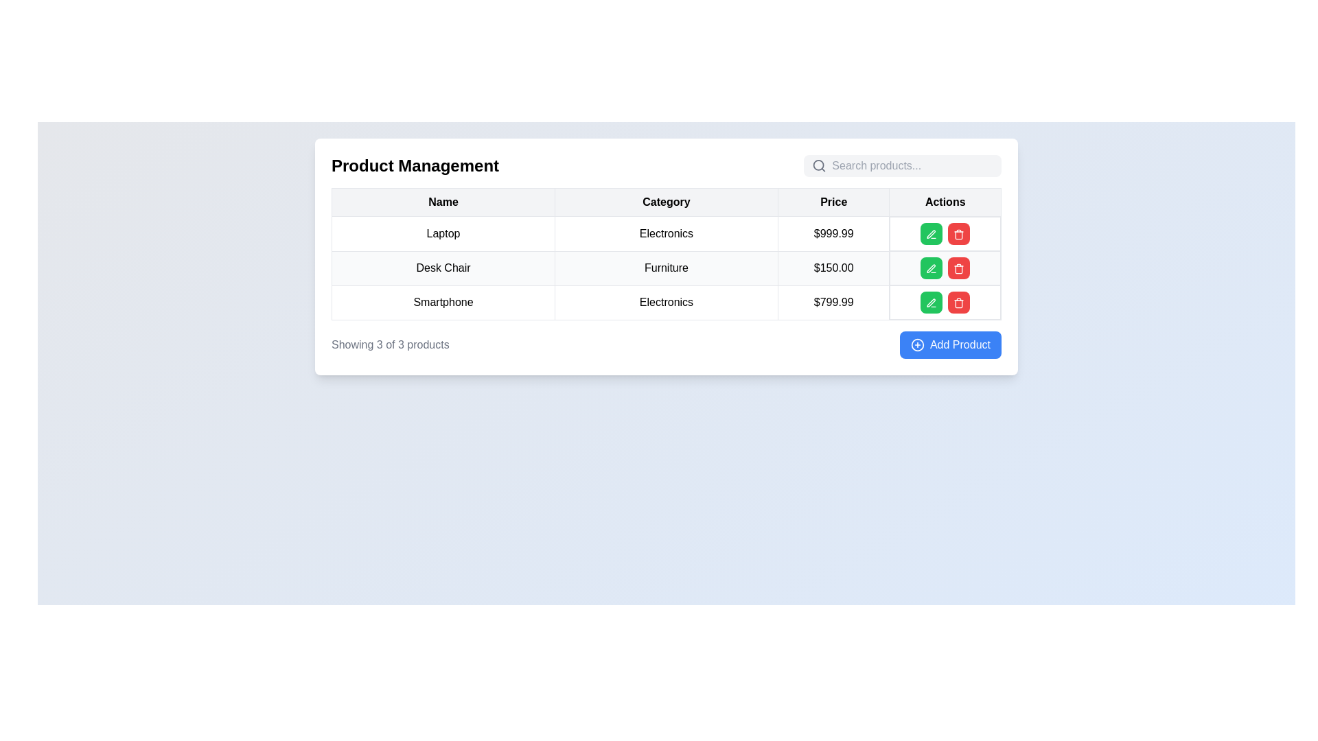  Describe the element at coordinates (932, 301) in the screenshot. I see `the edit button located in the third row of the table under the 'Actions' column` at that location.